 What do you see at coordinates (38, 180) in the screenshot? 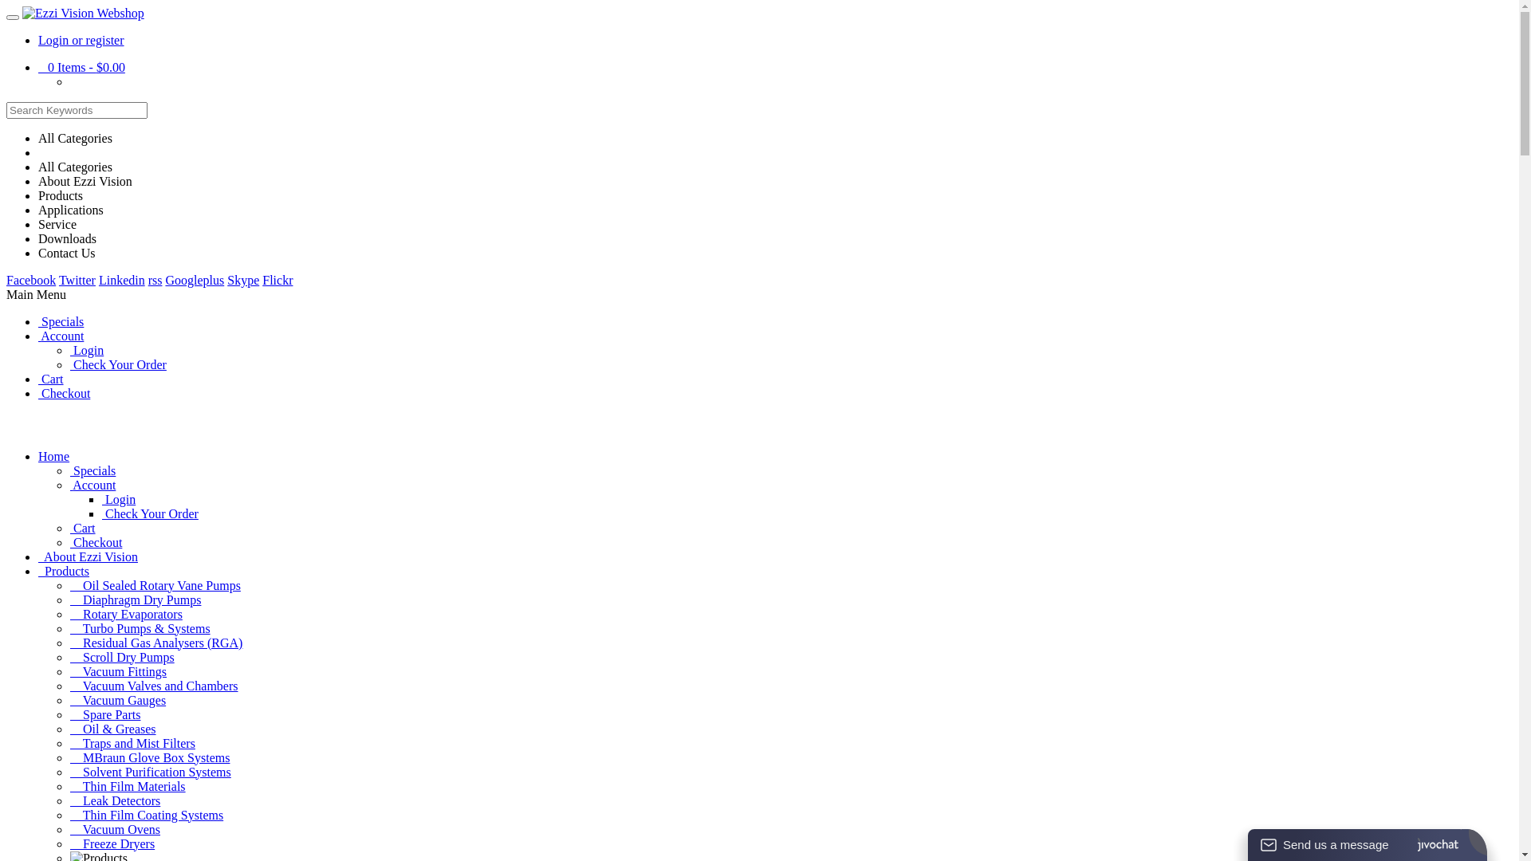
I see `'About Ezzi Vision'` at bounding box center [38, 180].